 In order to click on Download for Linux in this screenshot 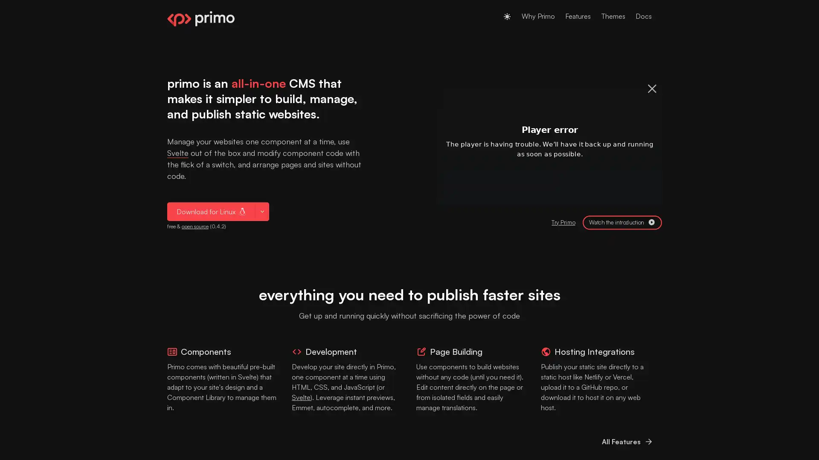, I will do `click(211, 211)`.